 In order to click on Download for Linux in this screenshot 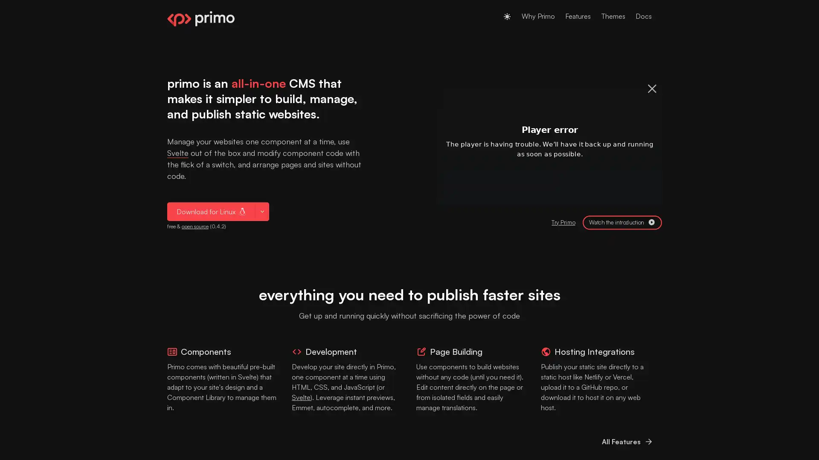, I will do `click(211, 211)`.